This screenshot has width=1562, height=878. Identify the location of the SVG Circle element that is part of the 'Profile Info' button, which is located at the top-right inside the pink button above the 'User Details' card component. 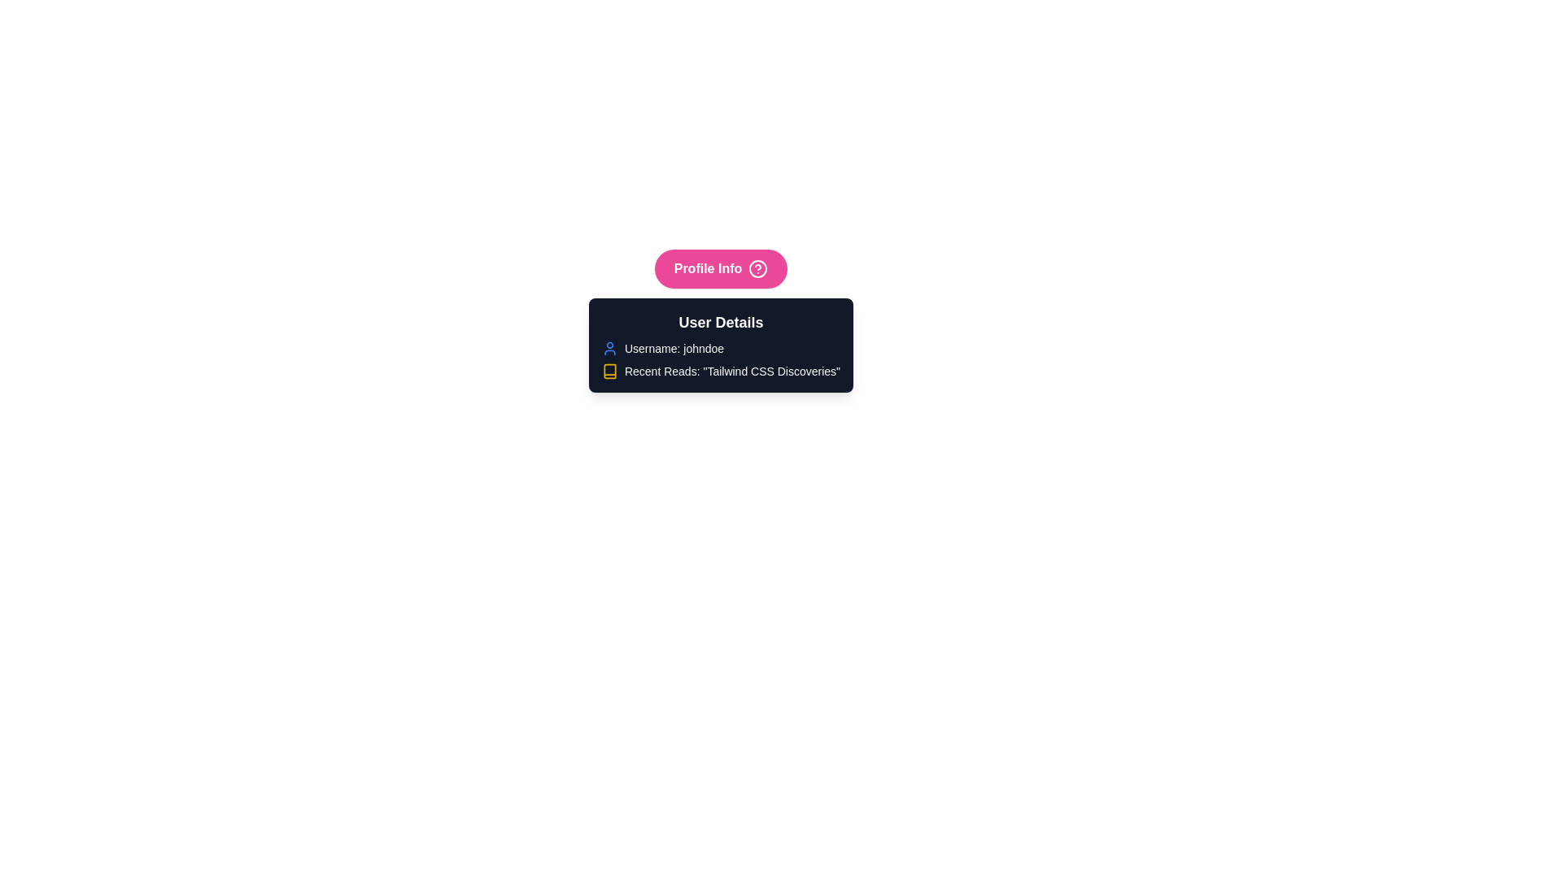
(757, 268).